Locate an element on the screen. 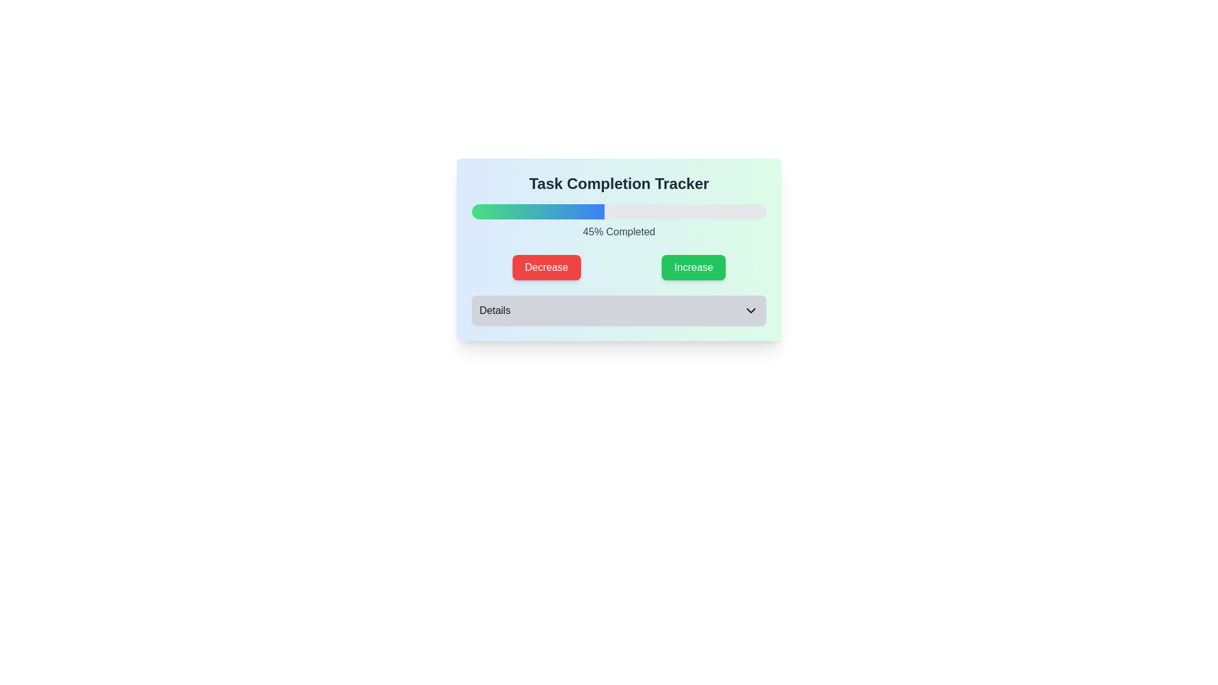 This screenshot has height=685, width=1218. the main header text component displaying 'Task Completion Tracker' in bold and large font size, which is styled with a gray color and is centered at the top of its section is located at coordinates (619, 183).